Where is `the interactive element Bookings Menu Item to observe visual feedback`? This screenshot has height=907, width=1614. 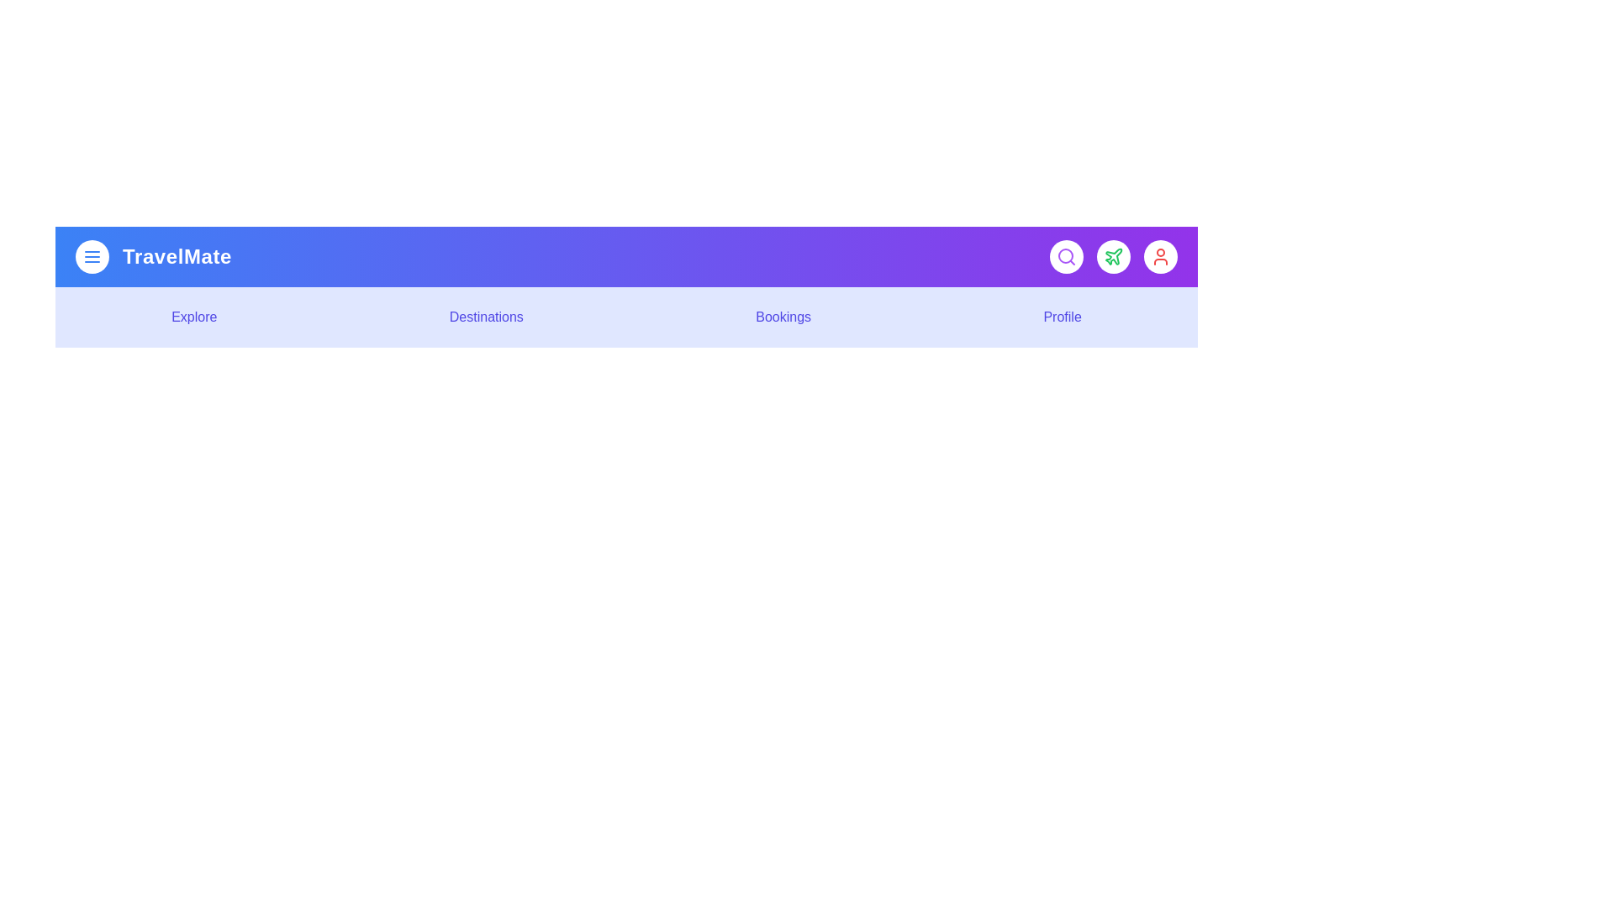 the interactive element Bookings Menu Item to observe visual feedback is located at coordinates (782, 317).